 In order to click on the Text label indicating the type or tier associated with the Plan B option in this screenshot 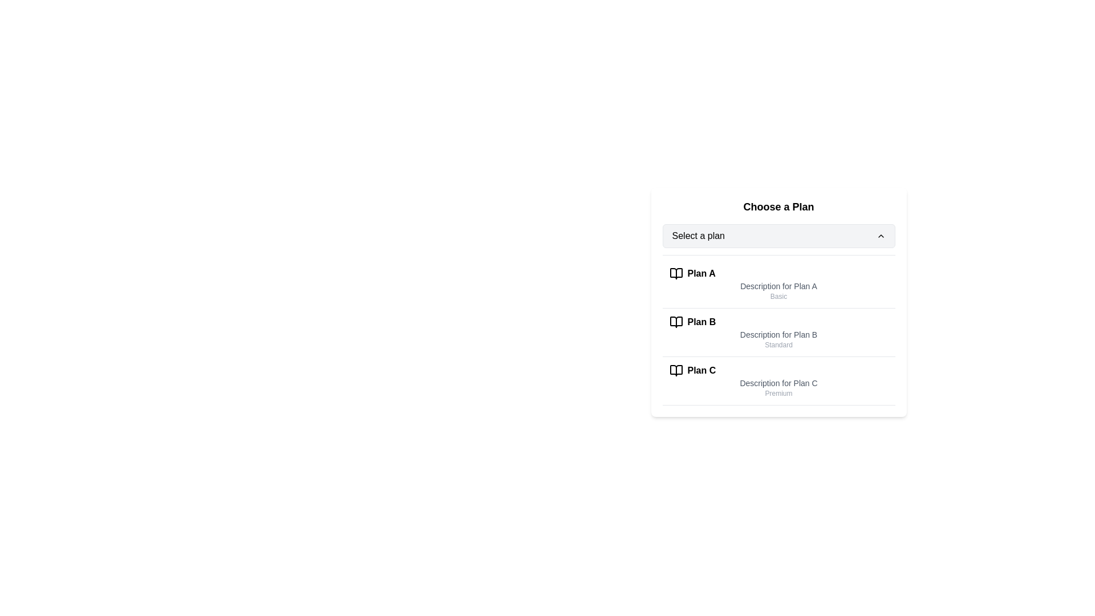, I will do `click(778, 345)`.